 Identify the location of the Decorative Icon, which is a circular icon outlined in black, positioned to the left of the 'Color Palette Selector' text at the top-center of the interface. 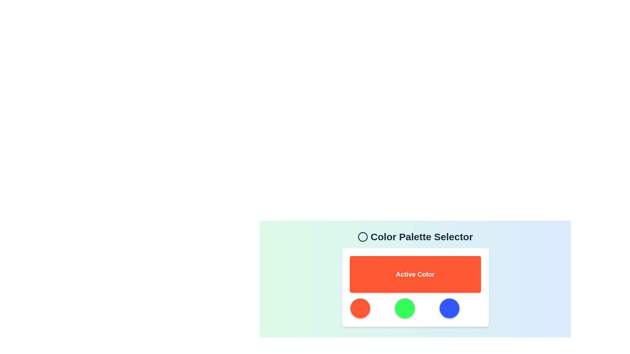
(362, 237).